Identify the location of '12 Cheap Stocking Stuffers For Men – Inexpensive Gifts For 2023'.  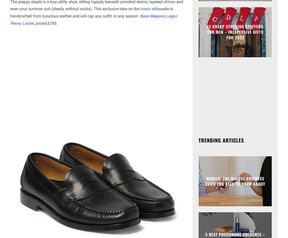
(235, 32).